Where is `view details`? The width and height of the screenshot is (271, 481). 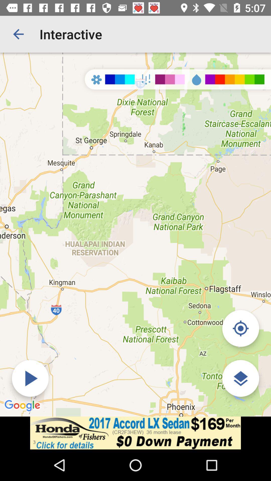
view details is located at coordinates (240, 378).